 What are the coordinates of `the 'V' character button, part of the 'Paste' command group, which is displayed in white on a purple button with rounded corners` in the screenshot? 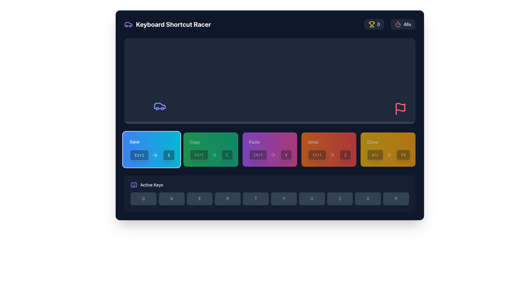 It's located at (286, 155).